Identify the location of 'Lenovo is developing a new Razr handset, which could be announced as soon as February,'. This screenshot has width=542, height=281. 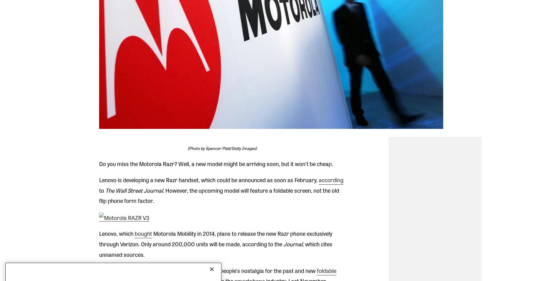
(208, 179).